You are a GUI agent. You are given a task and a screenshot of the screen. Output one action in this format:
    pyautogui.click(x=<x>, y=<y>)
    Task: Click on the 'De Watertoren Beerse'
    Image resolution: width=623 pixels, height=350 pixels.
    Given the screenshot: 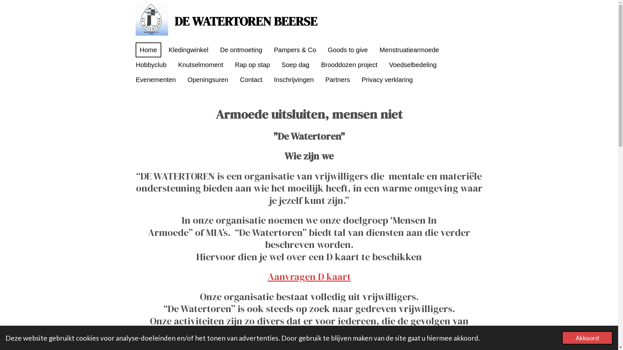 What is the action you would take?
    pyautogui.click(x=151, y=19)
    